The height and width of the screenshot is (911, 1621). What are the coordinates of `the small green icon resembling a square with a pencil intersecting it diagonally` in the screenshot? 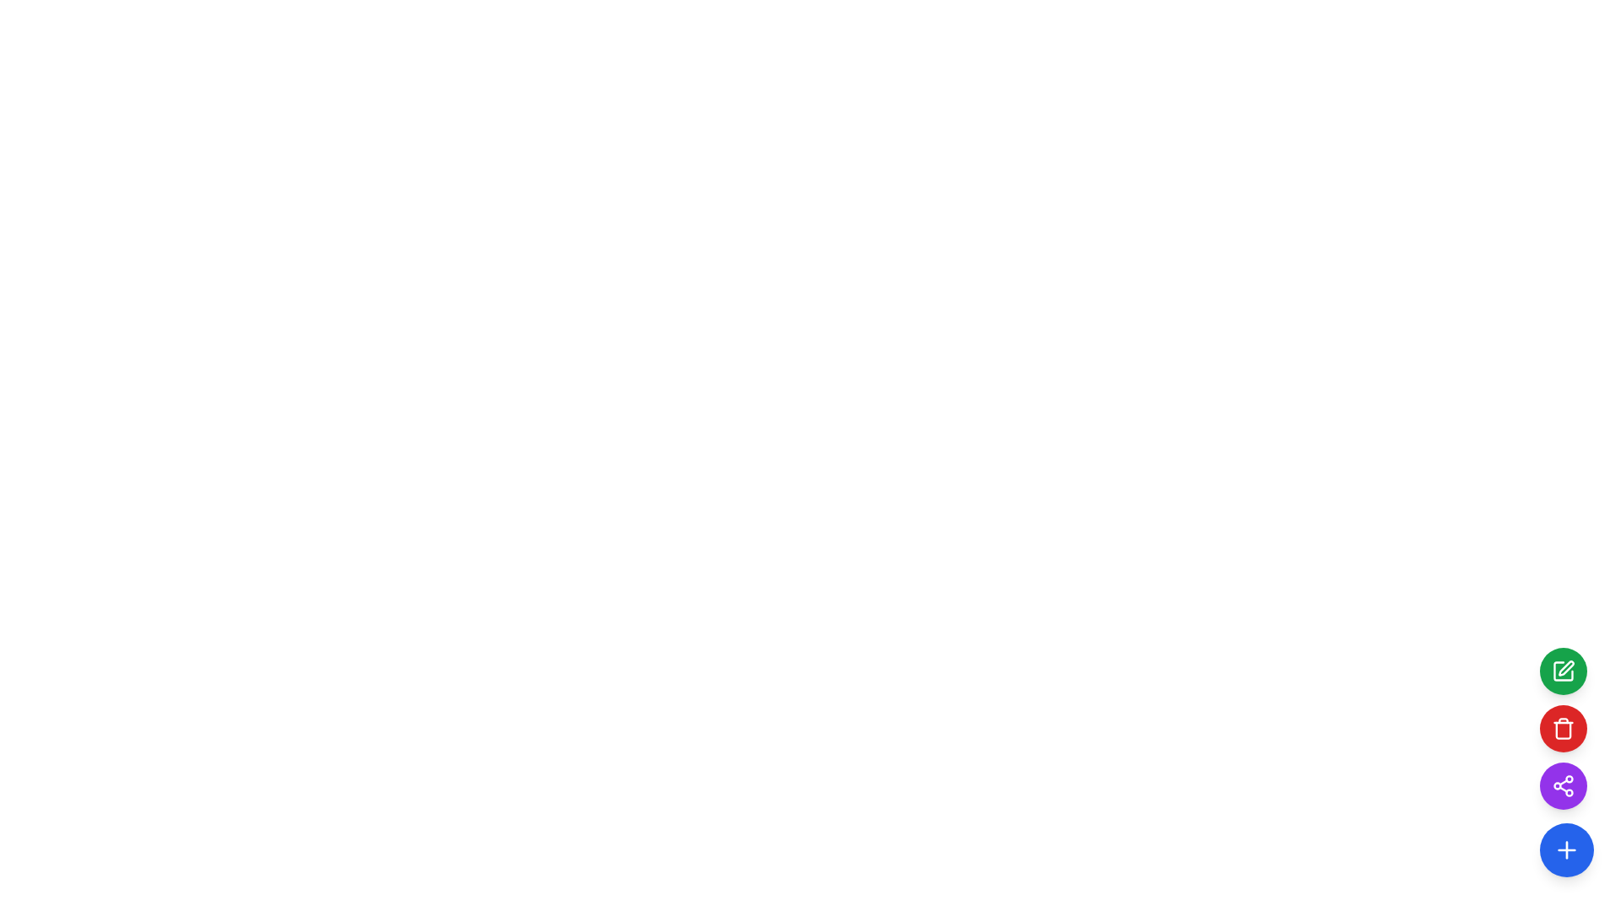 It's located at (1565, 667).